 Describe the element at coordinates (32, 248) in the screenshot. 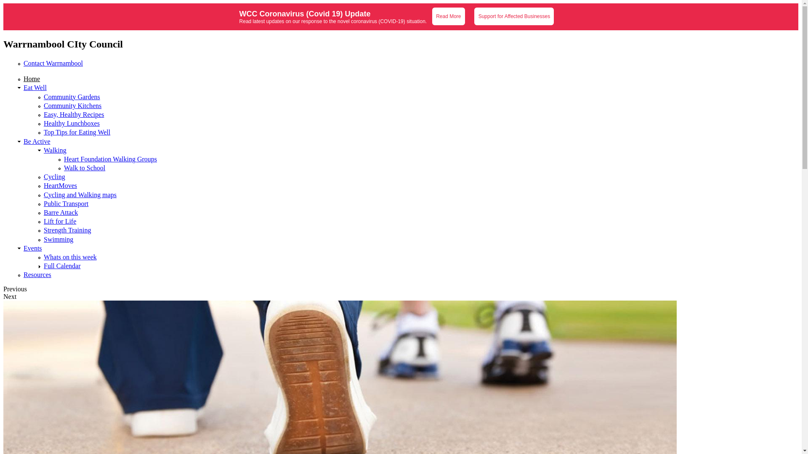

I see `'Events'` at that location.